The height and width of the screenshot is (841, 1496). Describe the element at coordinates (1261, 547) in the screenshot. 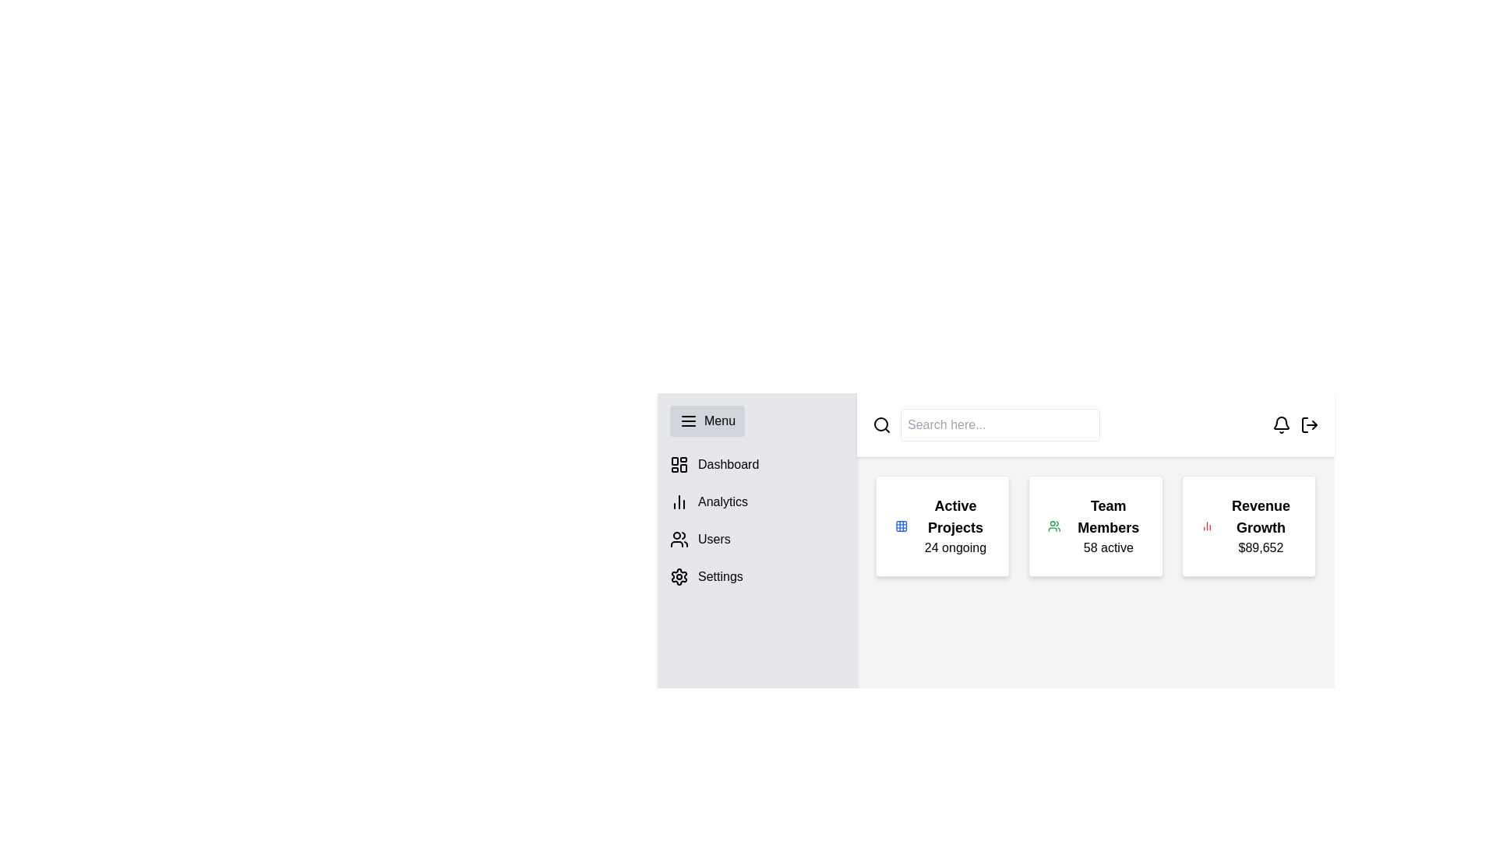

I see `the text label displaying '$89,652' located in the bottom section of the white card labeled 'Revenue Growth' to activate the potential tooltip` at that location.